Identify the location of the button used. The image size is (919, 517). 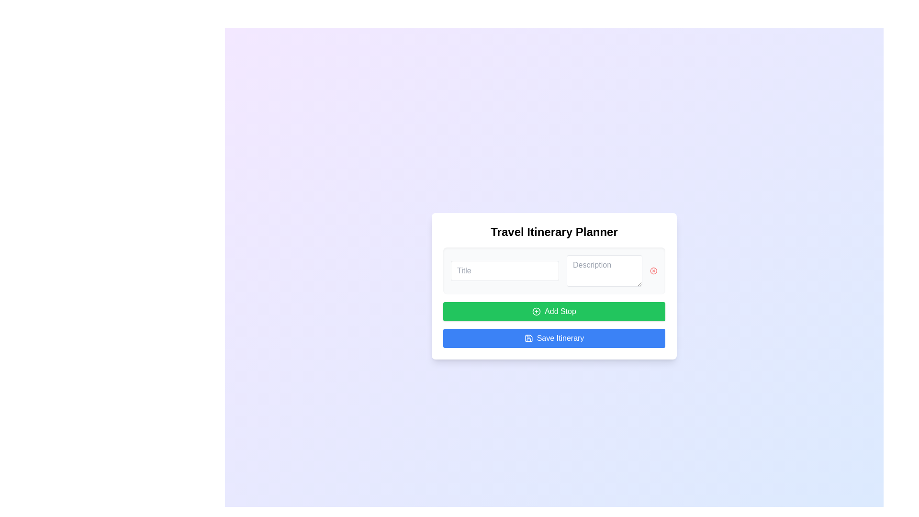
(554, 312).